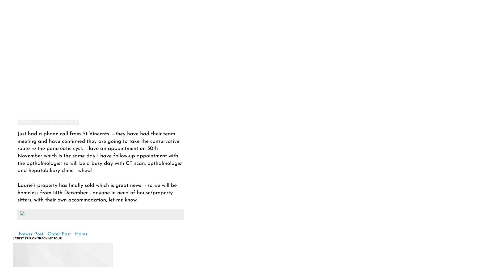 The image size is (494, 267). Describe the element at coordinates (97, 193) in the screenshot. I see `'Laurie's property has finally sold which is great news  - so we will be homeless from 14th December - anyone in need of house/property sitters, with their own accommodation, let me know.'` at that location.